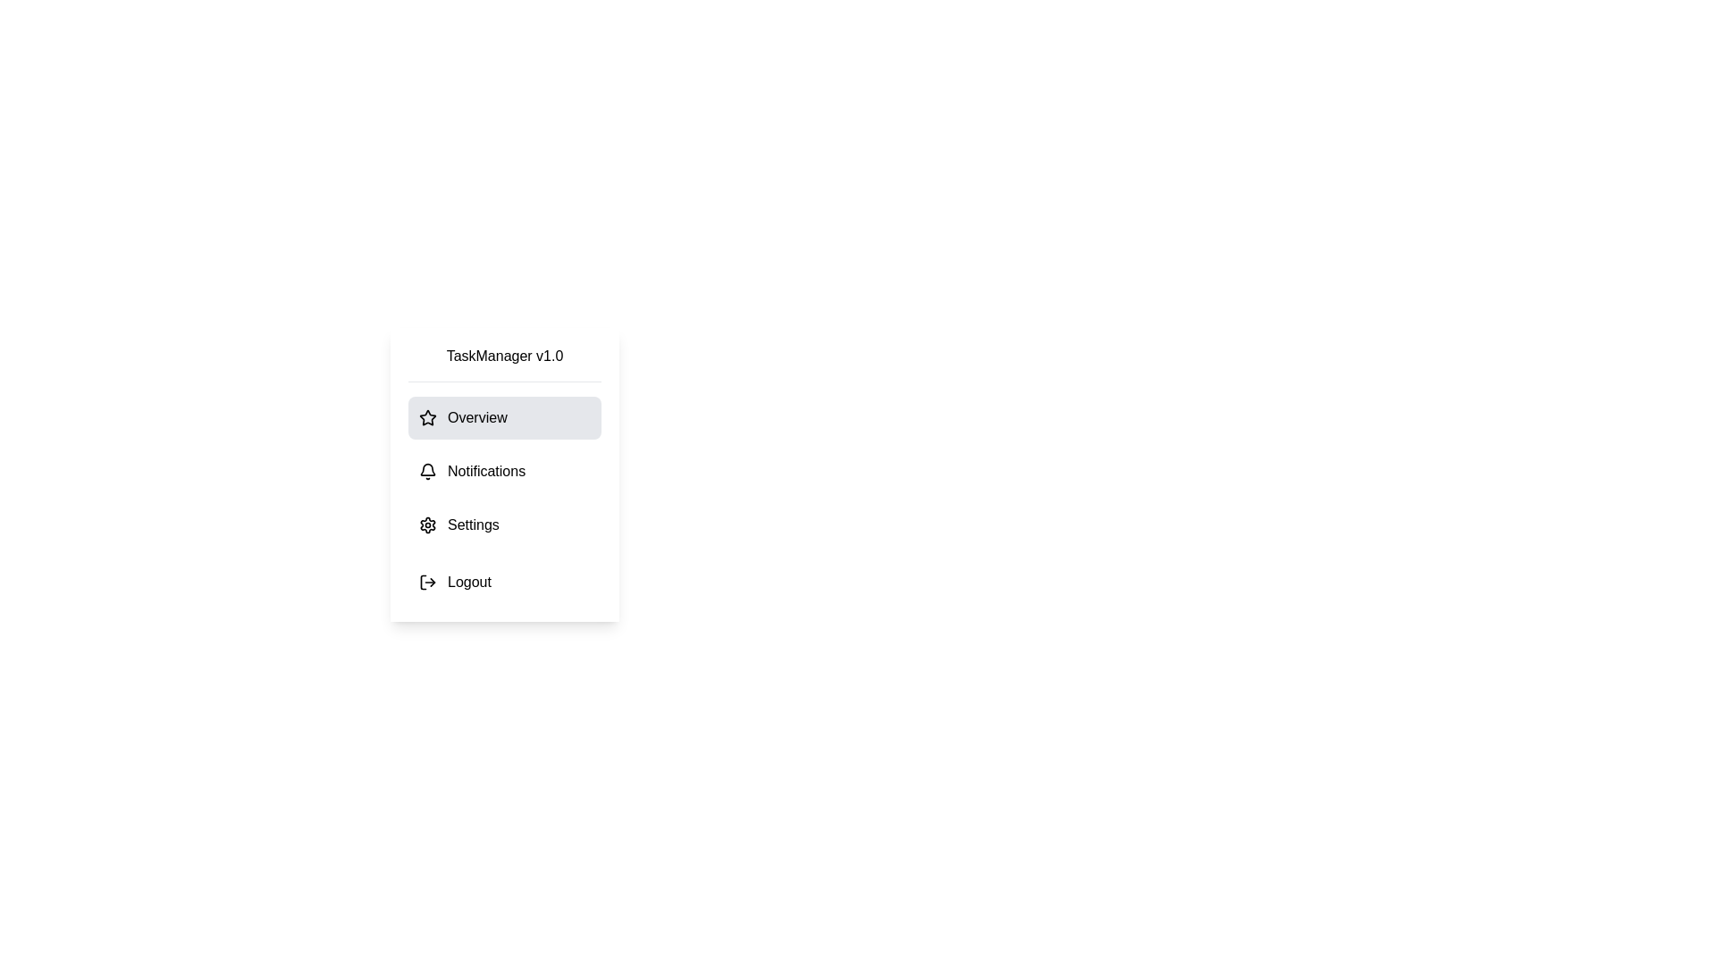 This screenshot has width=1716, height=965. I want to click on the star-shaped icon that is located next, so click(427, 417).